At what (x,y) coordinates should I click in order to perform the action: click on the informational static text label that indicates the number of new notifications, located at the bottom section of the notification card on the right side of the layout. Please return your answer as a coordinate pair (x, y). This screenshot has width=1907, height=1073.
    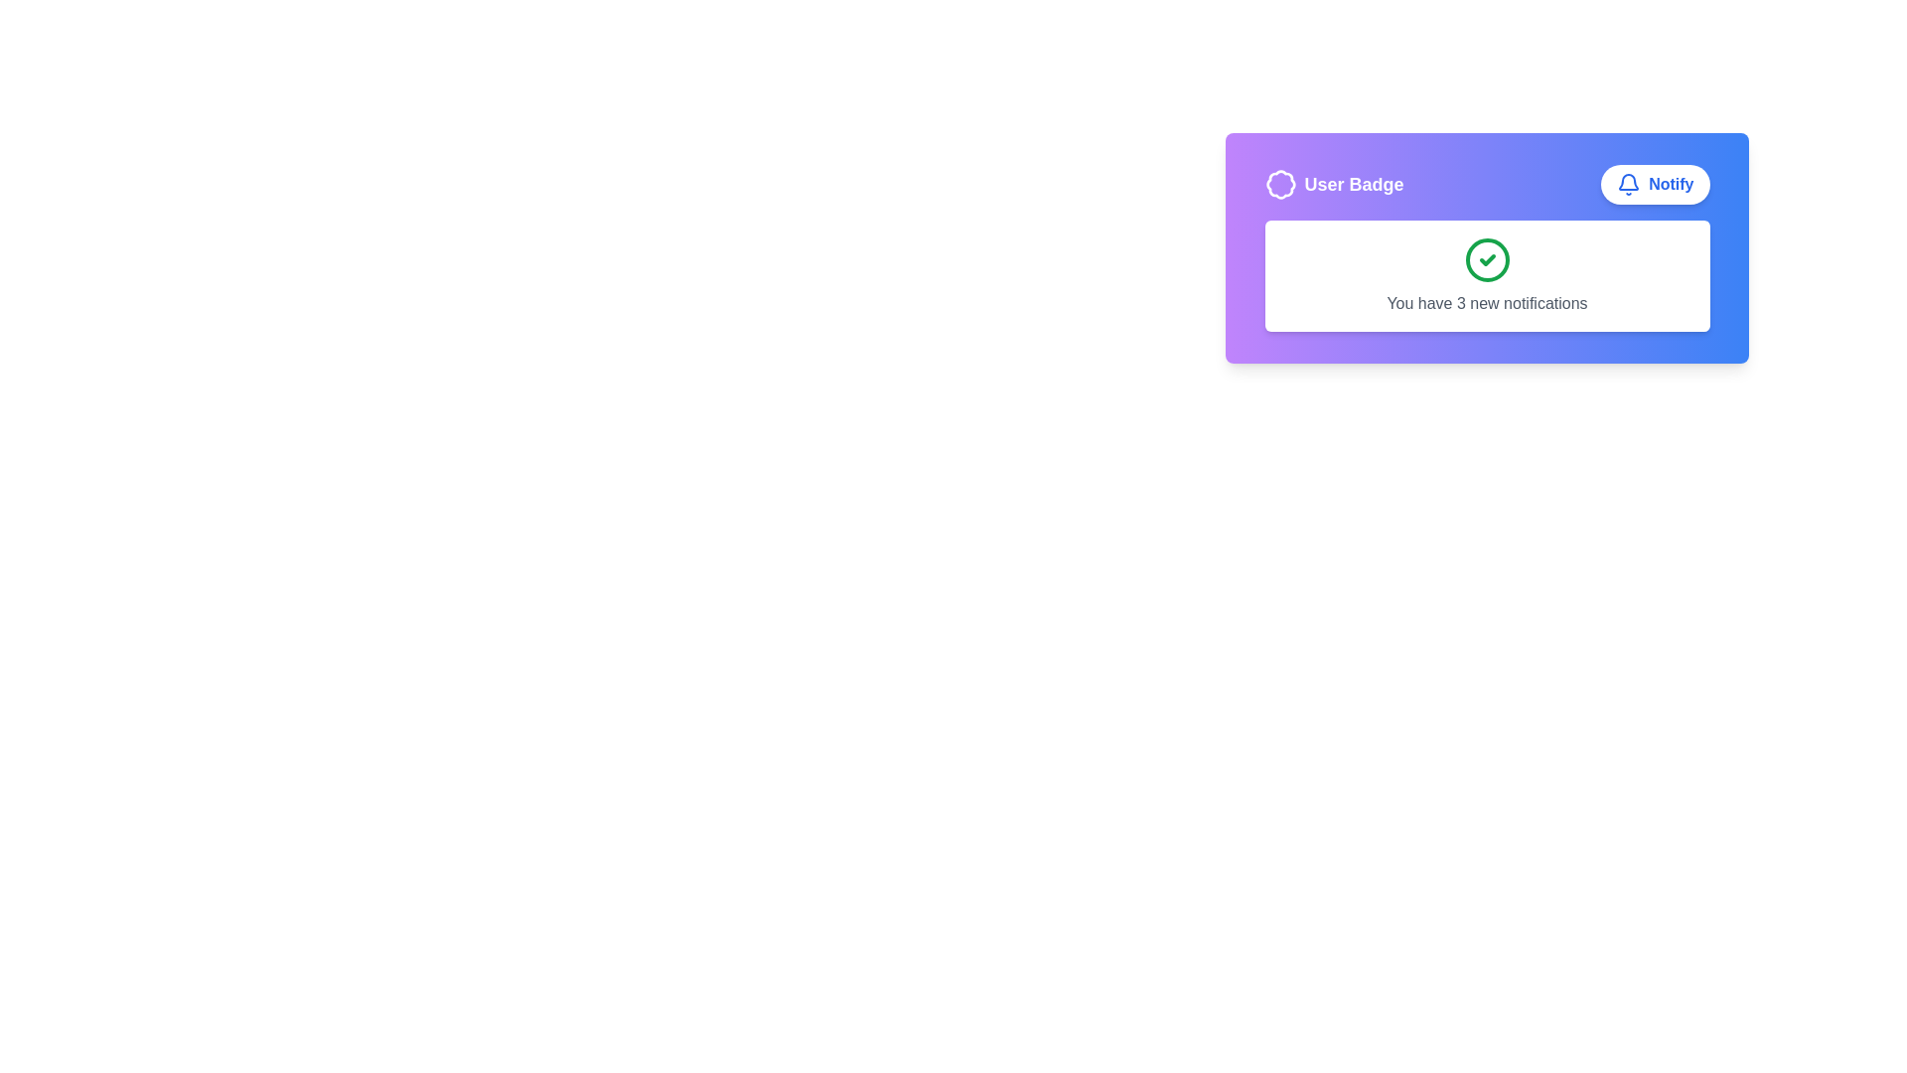
    Looking at the image, I should click on (1487, 303).